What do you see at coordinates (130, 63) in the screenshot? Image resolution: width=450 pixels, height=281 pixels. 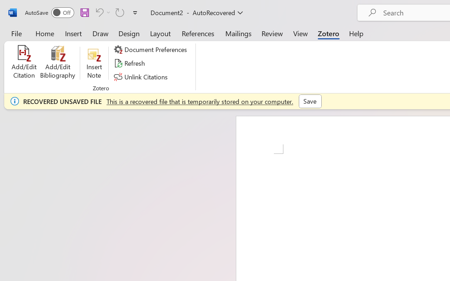 I see `'Refresh'` at bounding box center [130, 63].